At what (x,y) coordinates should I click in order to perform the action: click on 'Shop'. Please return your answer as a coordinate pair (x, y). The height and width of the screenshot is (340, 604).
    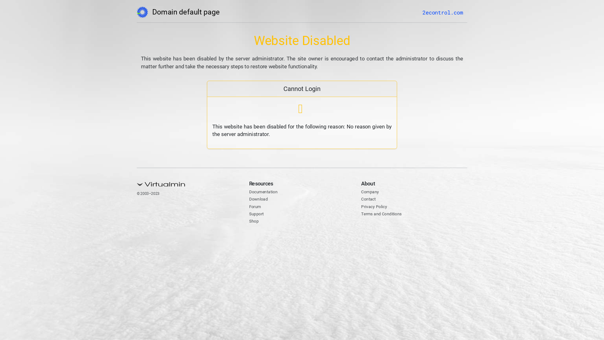
    Looking at the image, I should click on (255, 221).